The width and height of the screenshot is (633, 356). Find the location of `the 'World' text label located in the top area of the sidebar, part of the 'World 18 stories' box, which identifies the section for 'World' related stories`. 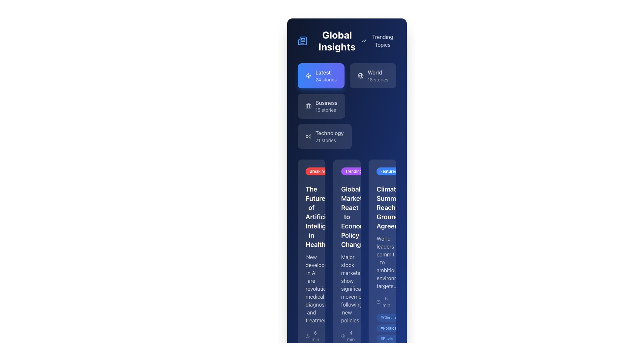

the 'World' text label located in the top area of the sidebar, part of the 'World 18 stories' box, which identifies the section for 'World' related stories is located at coordinates (378, 72).